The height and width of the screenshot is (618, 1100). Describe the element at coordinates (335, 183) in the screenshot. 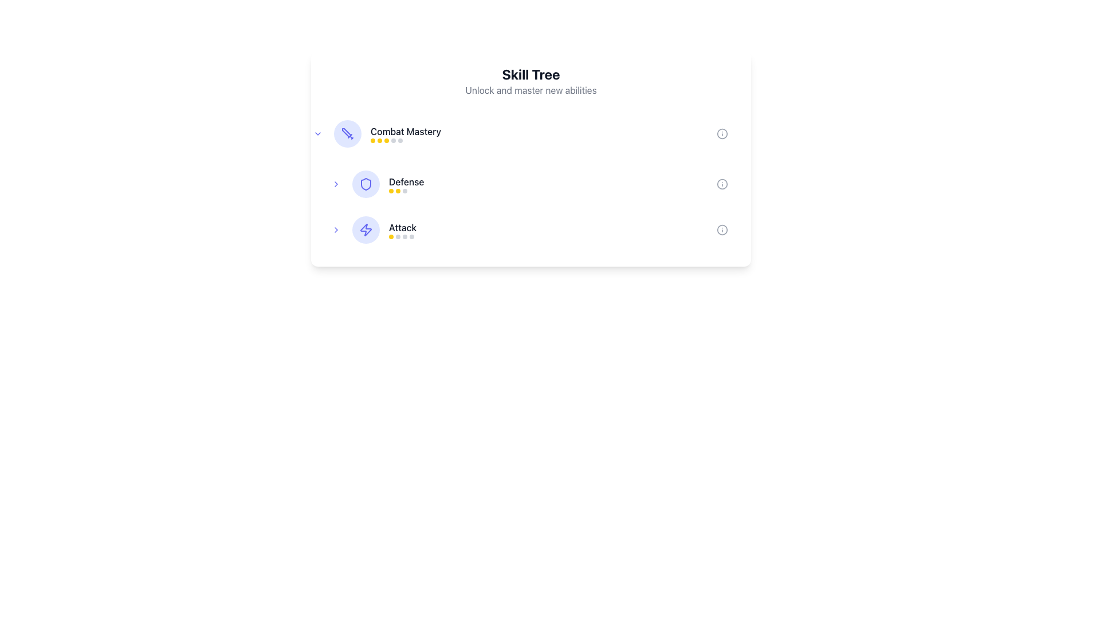

I see `the circular button icon to the left of the 'Defense' skill entry in the 'Skill Tree' to visualize interactivity` at that location.